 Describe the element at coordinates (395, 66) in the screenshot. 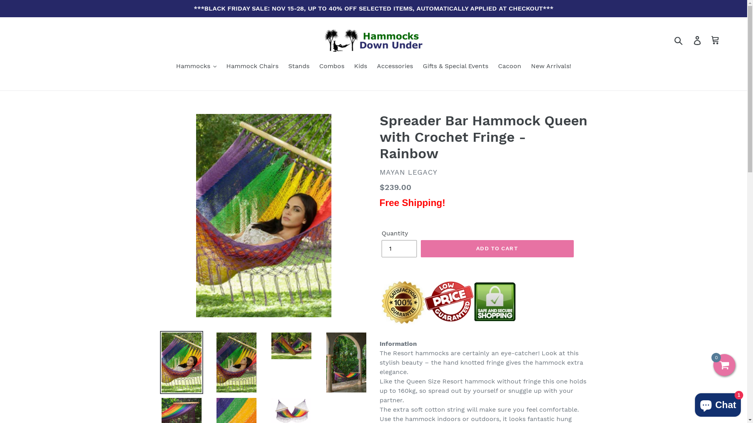

I see `'Accessories'` at that location.